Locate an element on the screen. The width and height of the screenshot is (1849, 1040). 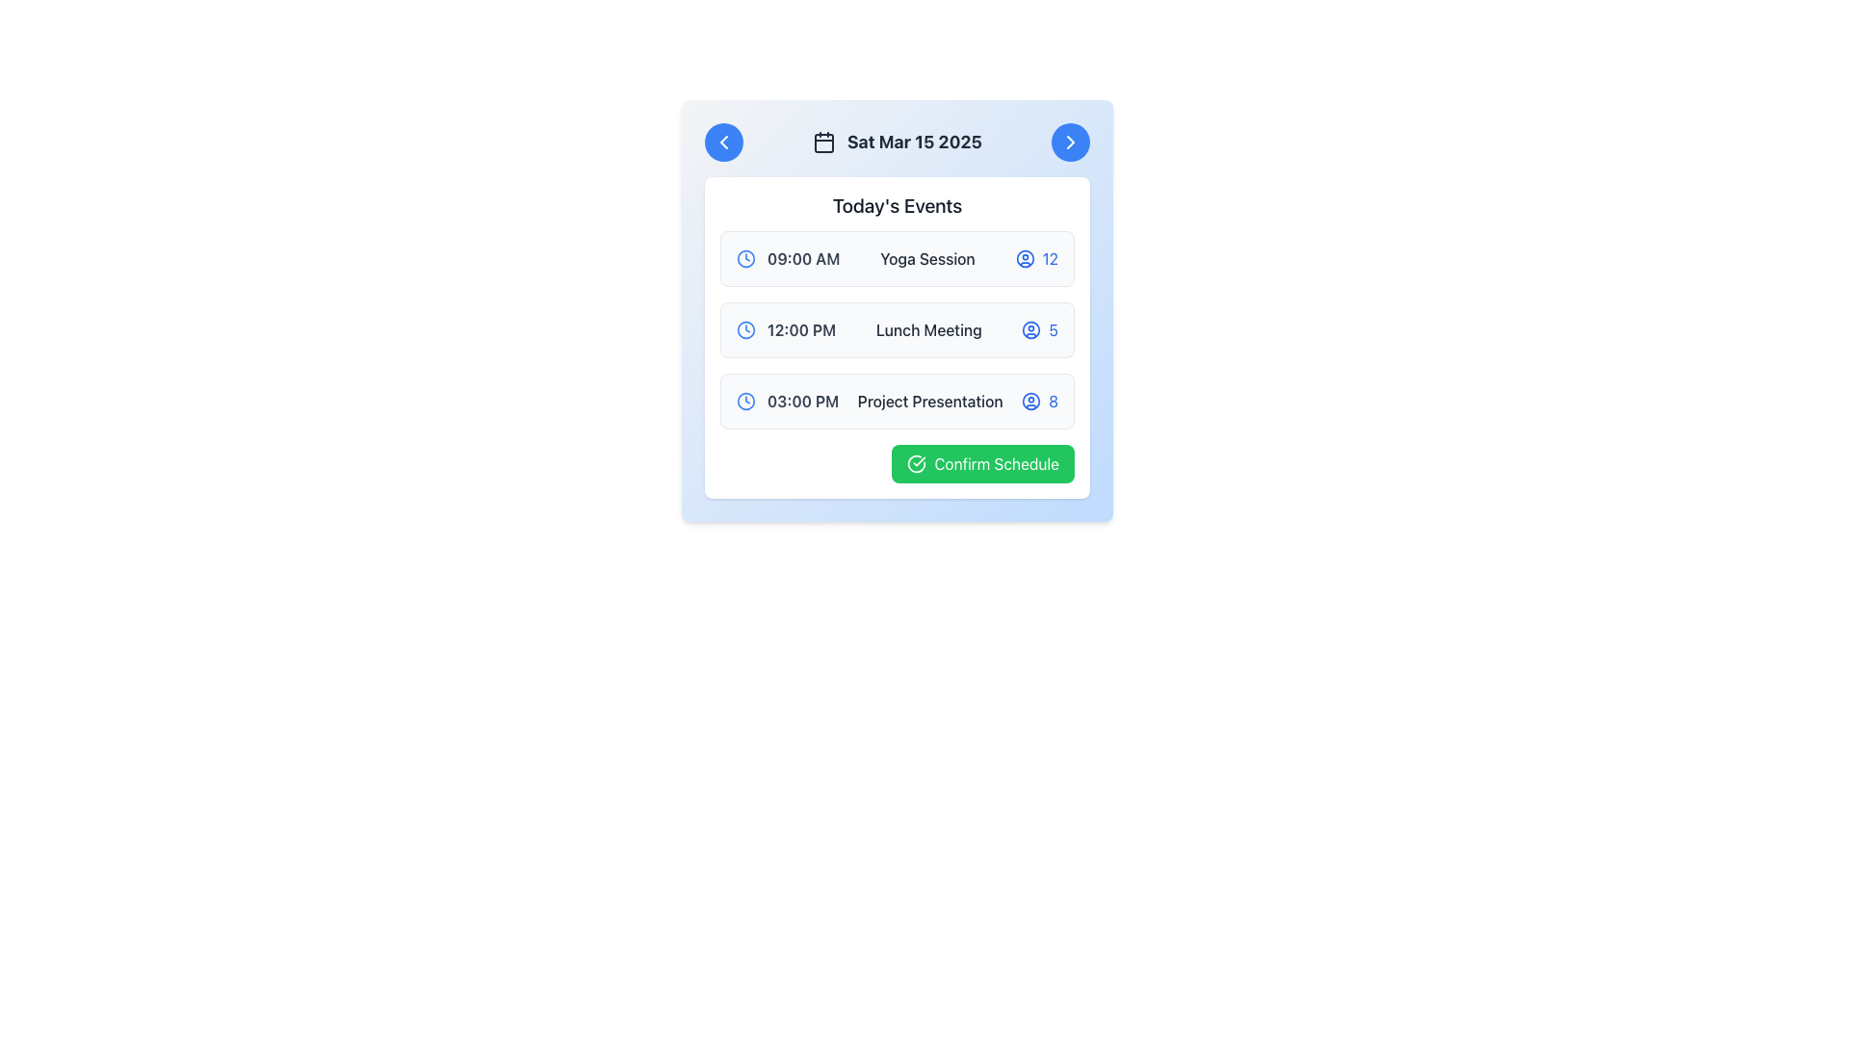
the participant count displayed next to the user icon in the third section of the event schedule, positioned to the right of the 'Lunch Meeting' text is located at coordinates (1039, 329).